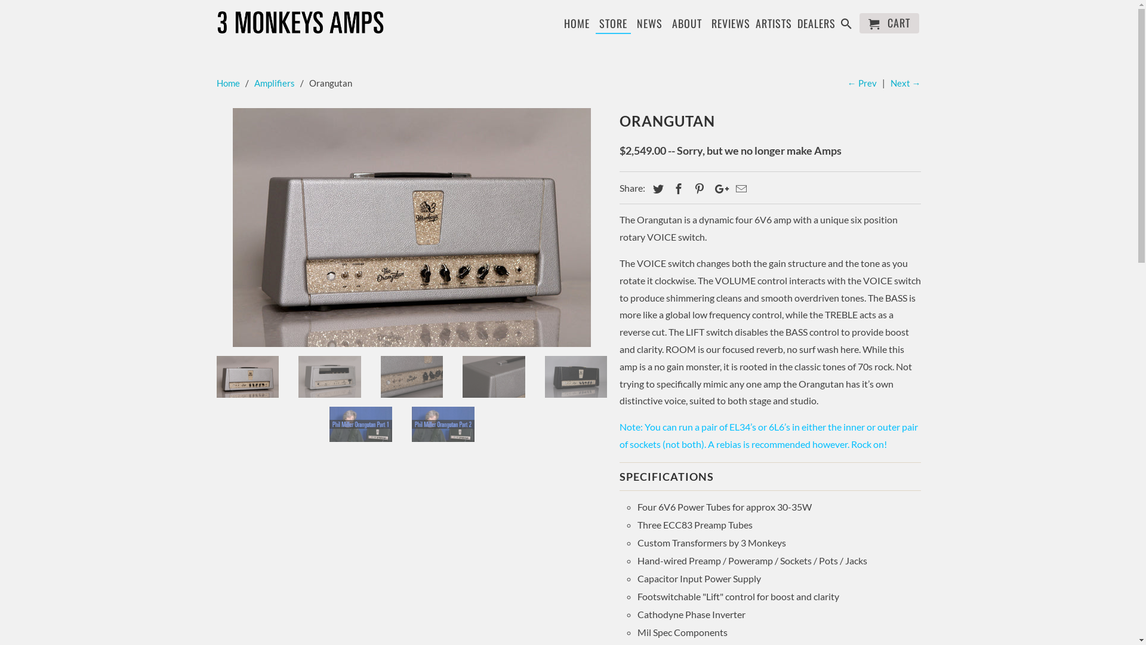 The width and height of the screenshot is (1146, 645). I want to click on 'REVIEWS', so click(730, 25).